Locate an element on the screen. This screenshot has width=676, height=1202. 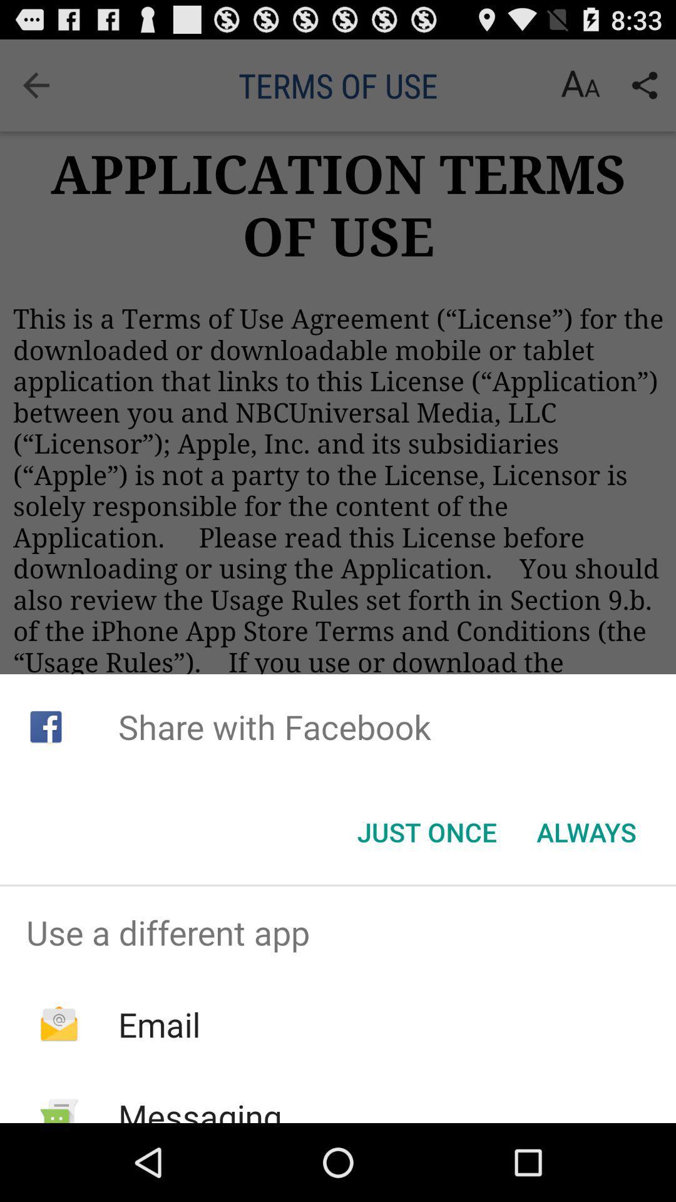
the messaging icon is located at coordinates (199, 1108).